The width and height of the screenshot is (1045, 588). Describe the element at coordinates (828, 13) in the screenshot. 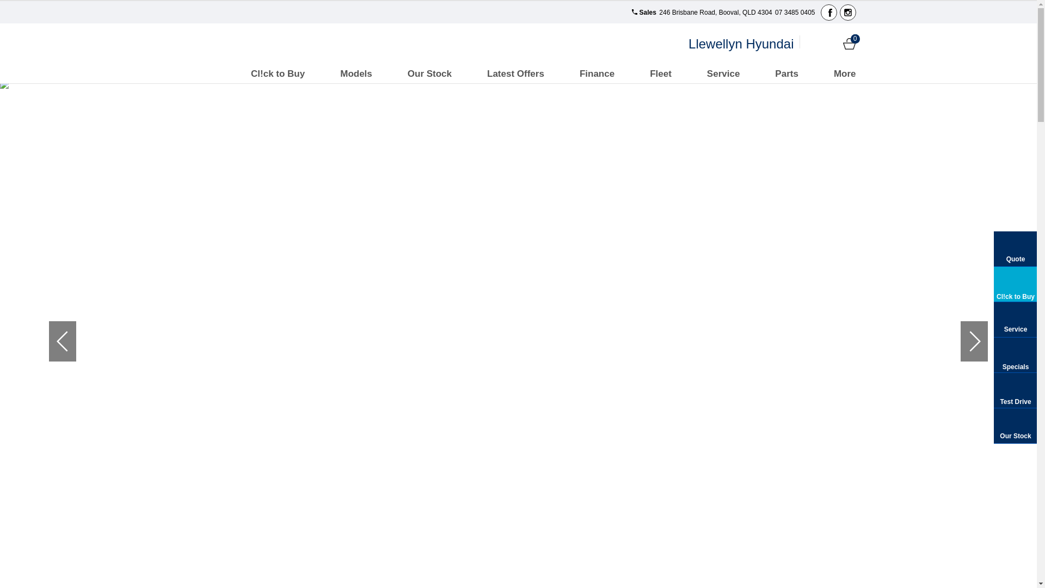

I see `'Facebook'` at that location.